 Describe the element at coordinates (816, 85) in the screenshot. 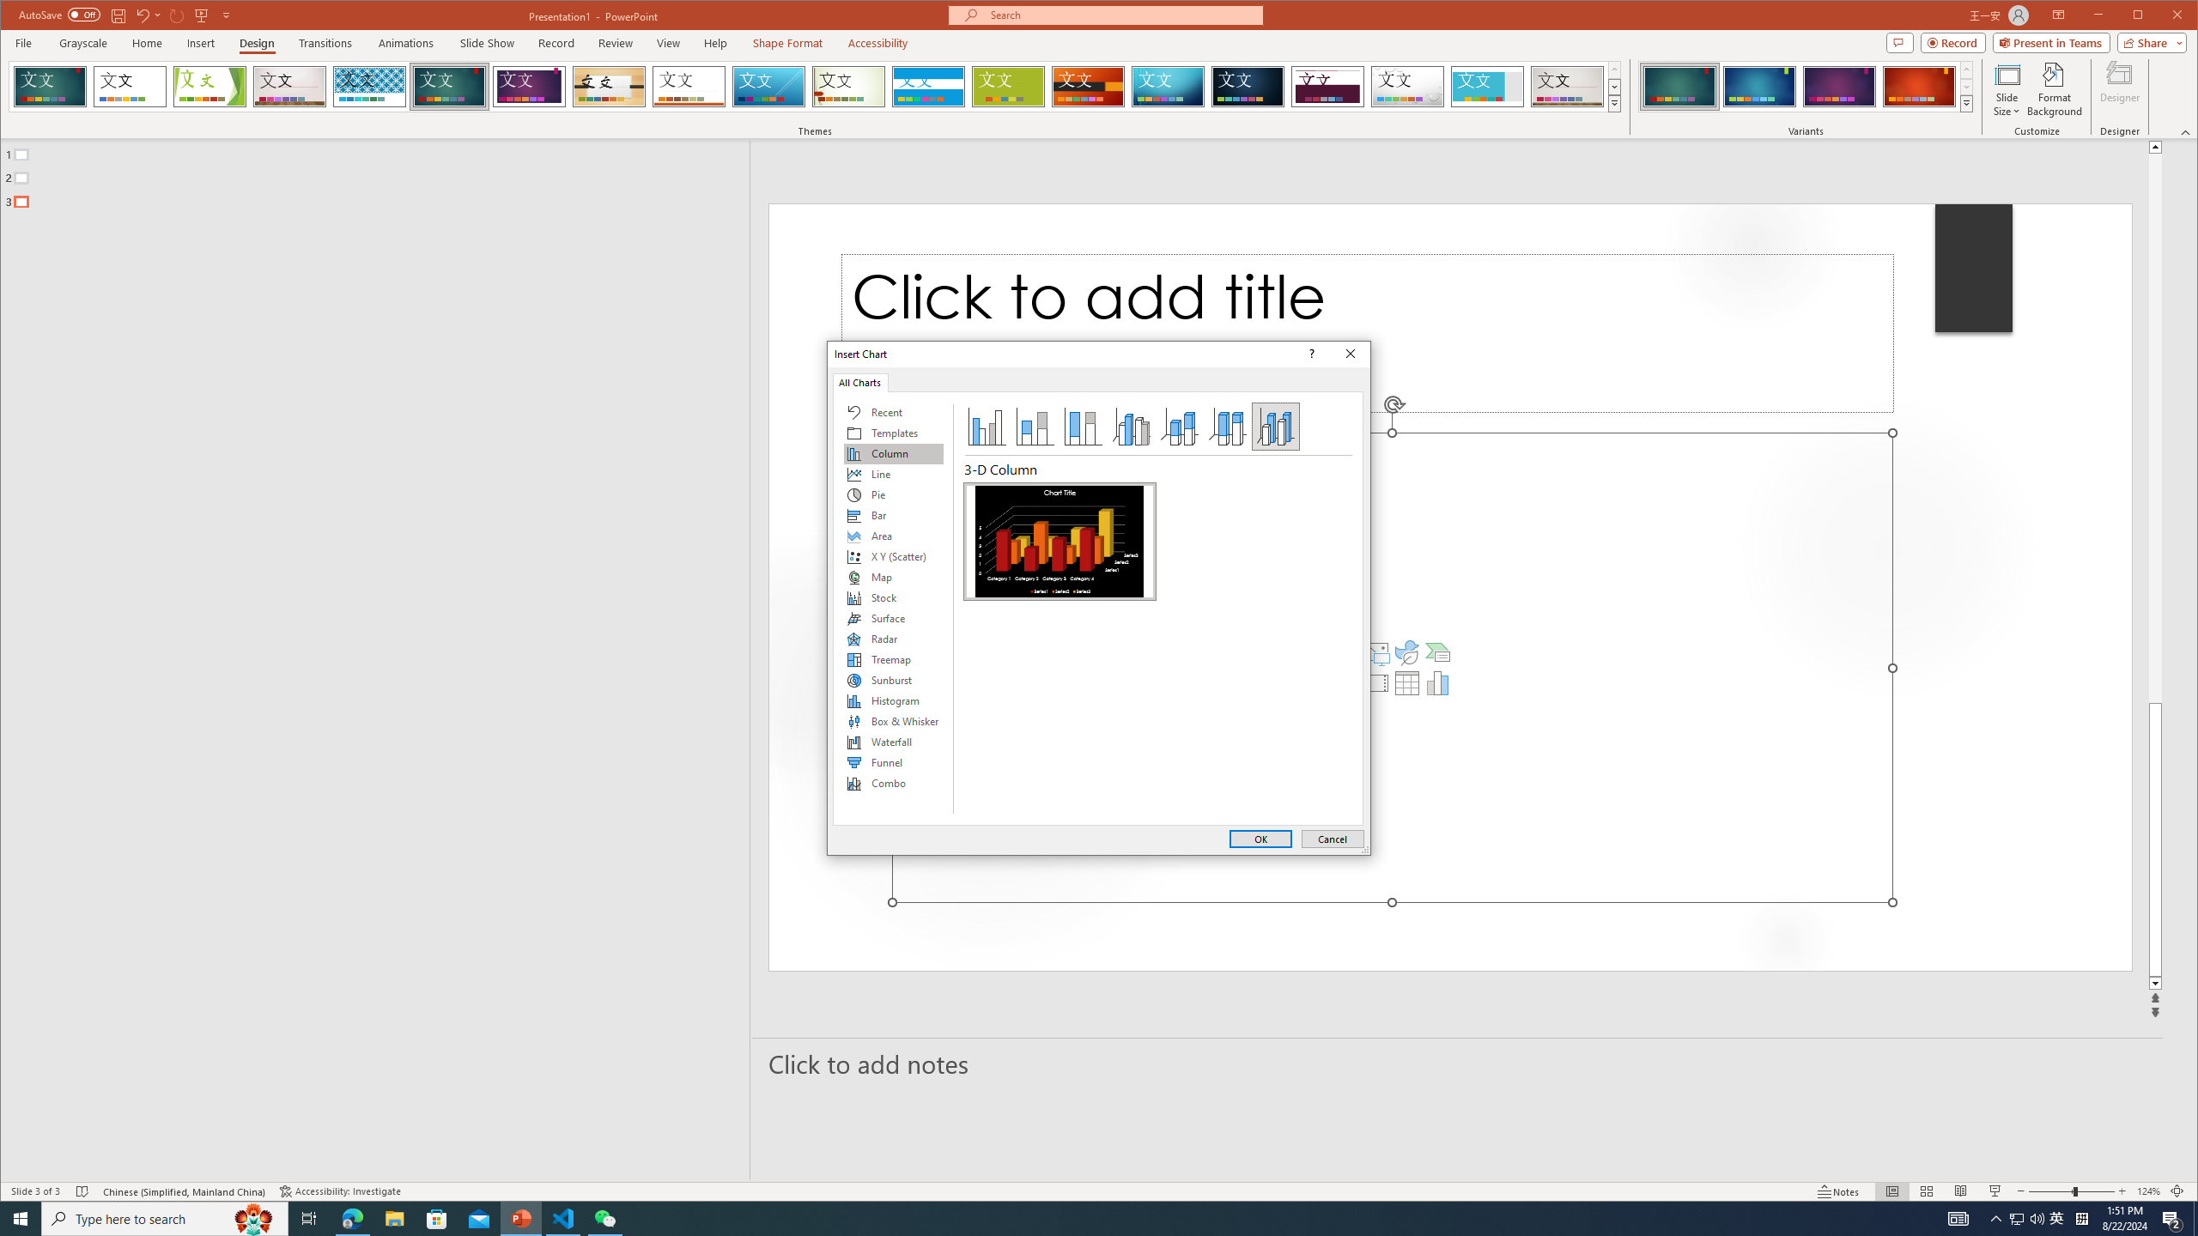

I see `'AutomationID: SlideThemesGallery'` at that location.